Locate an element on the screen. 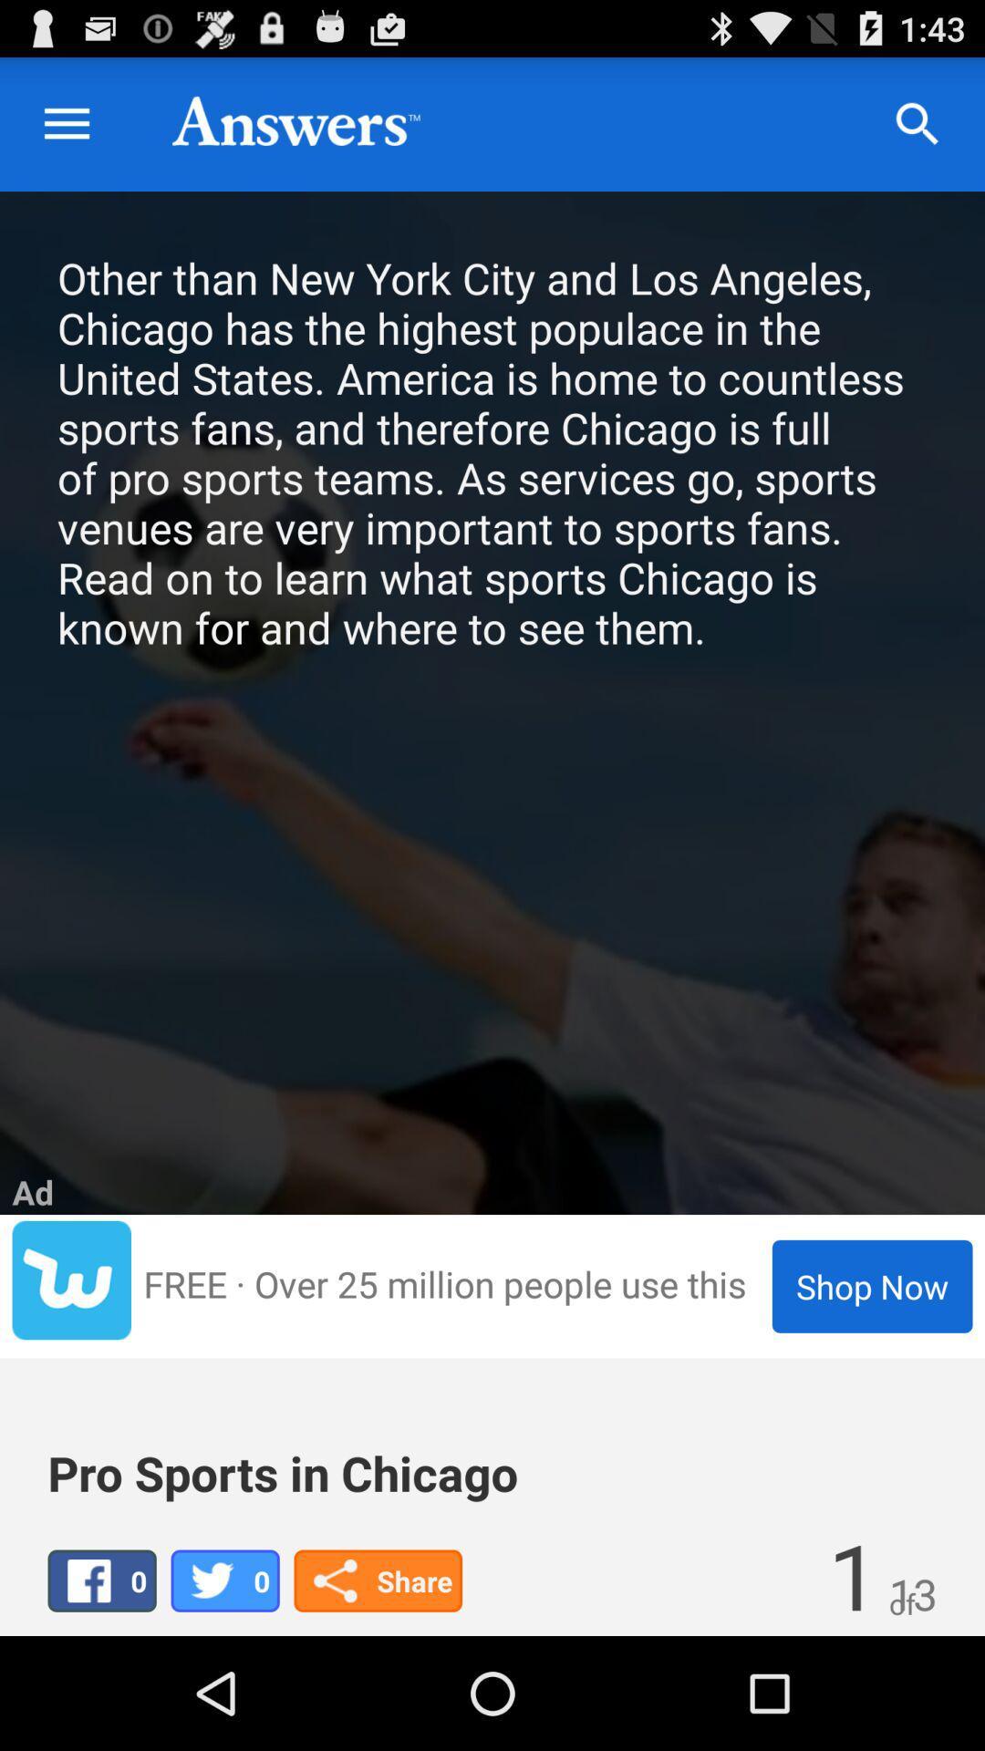  the twitter icon is located at coordinates (70, 1376).